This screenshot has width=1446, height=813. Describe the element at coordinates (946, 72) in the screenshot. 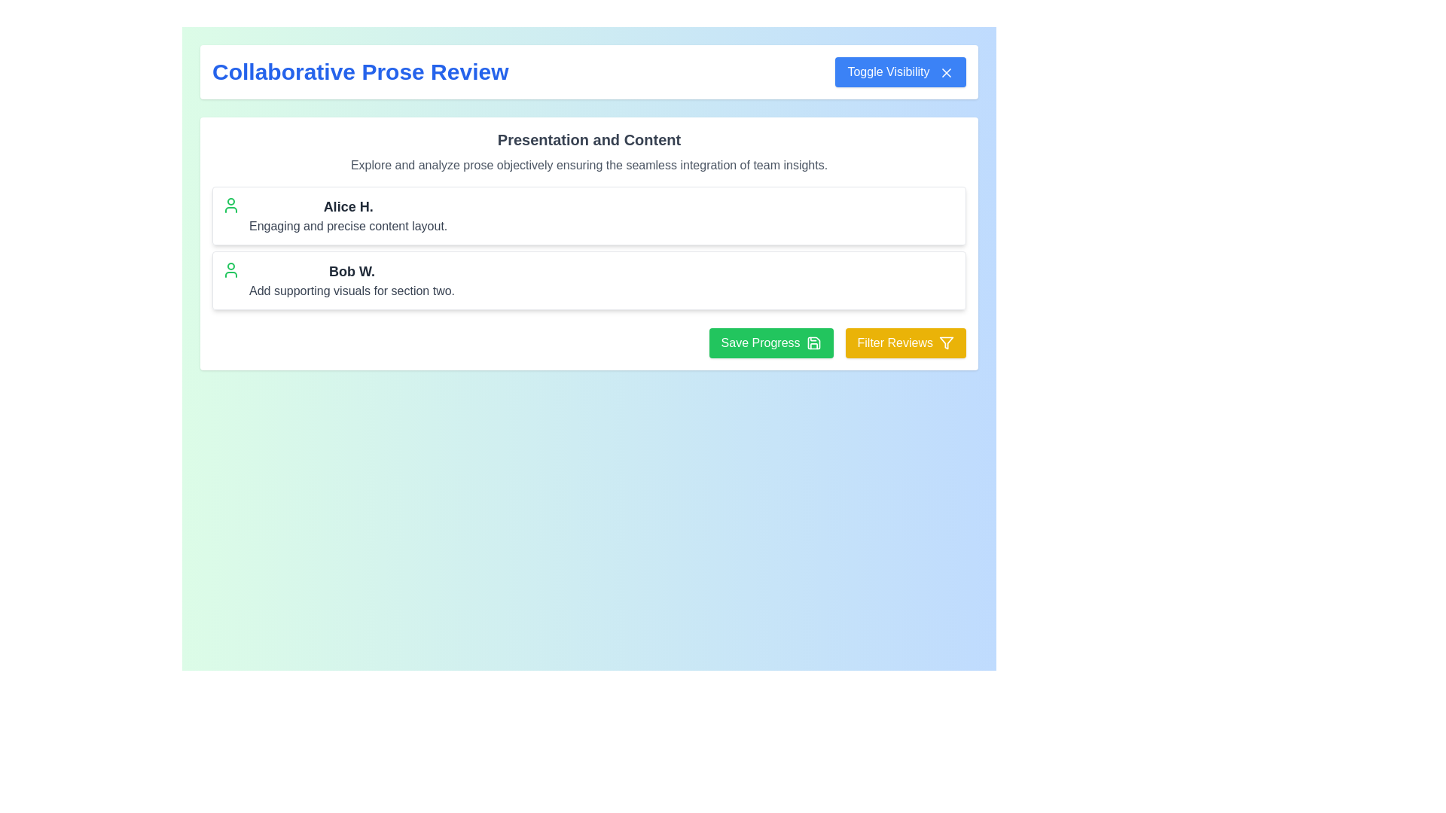

I see `the close icon located near the upper-right portion of the interface, adjacent to the 'Toggle Visibility' button` at that location.